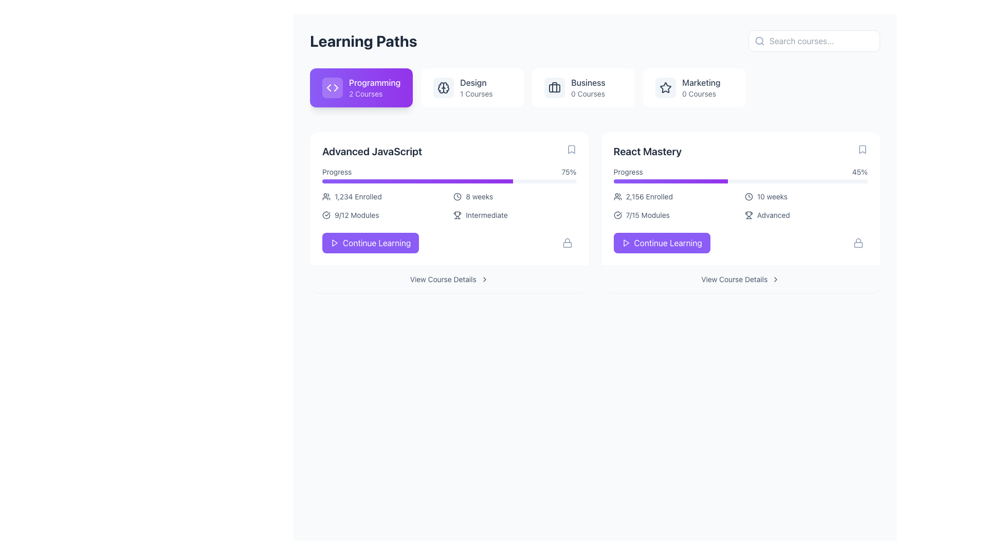  Describe the element at coordinates (554, 88) in the screenshot. I see `the main body of the briefcase icon representing the 'Business' category in the navigation section` at that location.